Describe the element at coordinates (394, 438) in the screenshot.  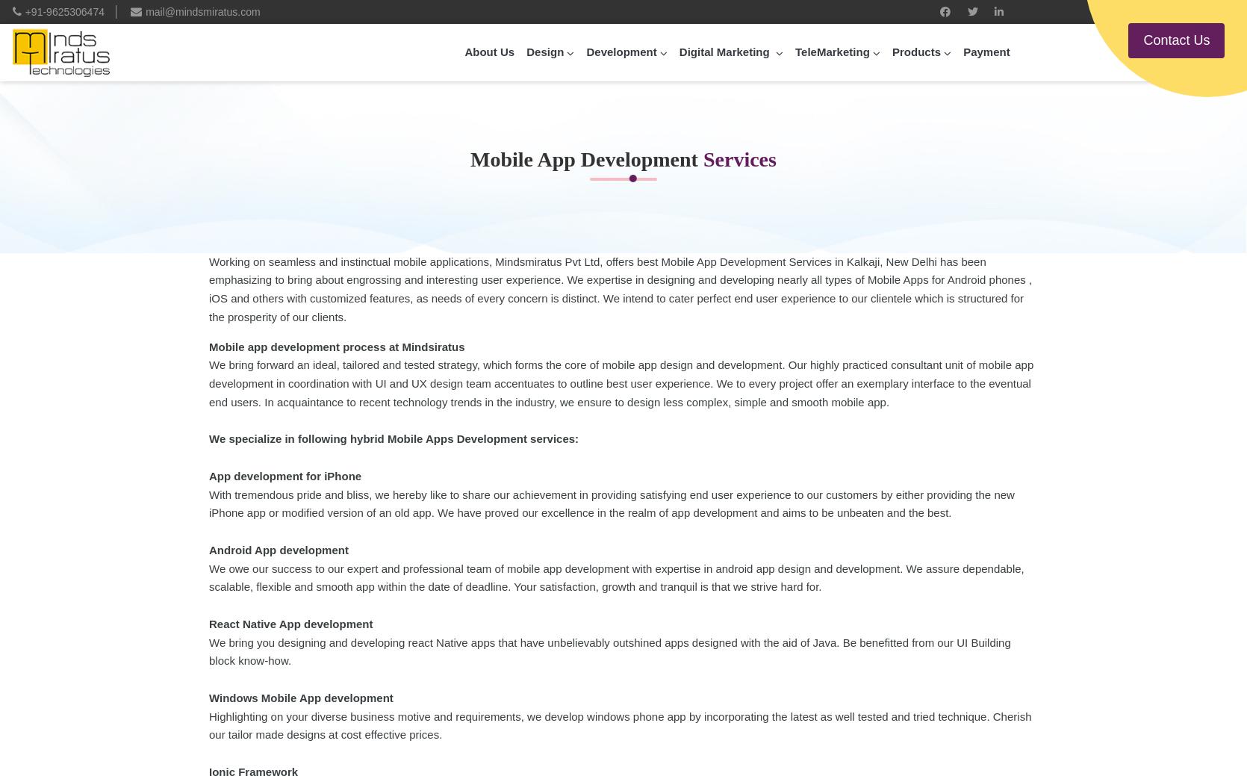
I see `'We specialize in following hybrid Mobile Apps Development services:'` at that location.